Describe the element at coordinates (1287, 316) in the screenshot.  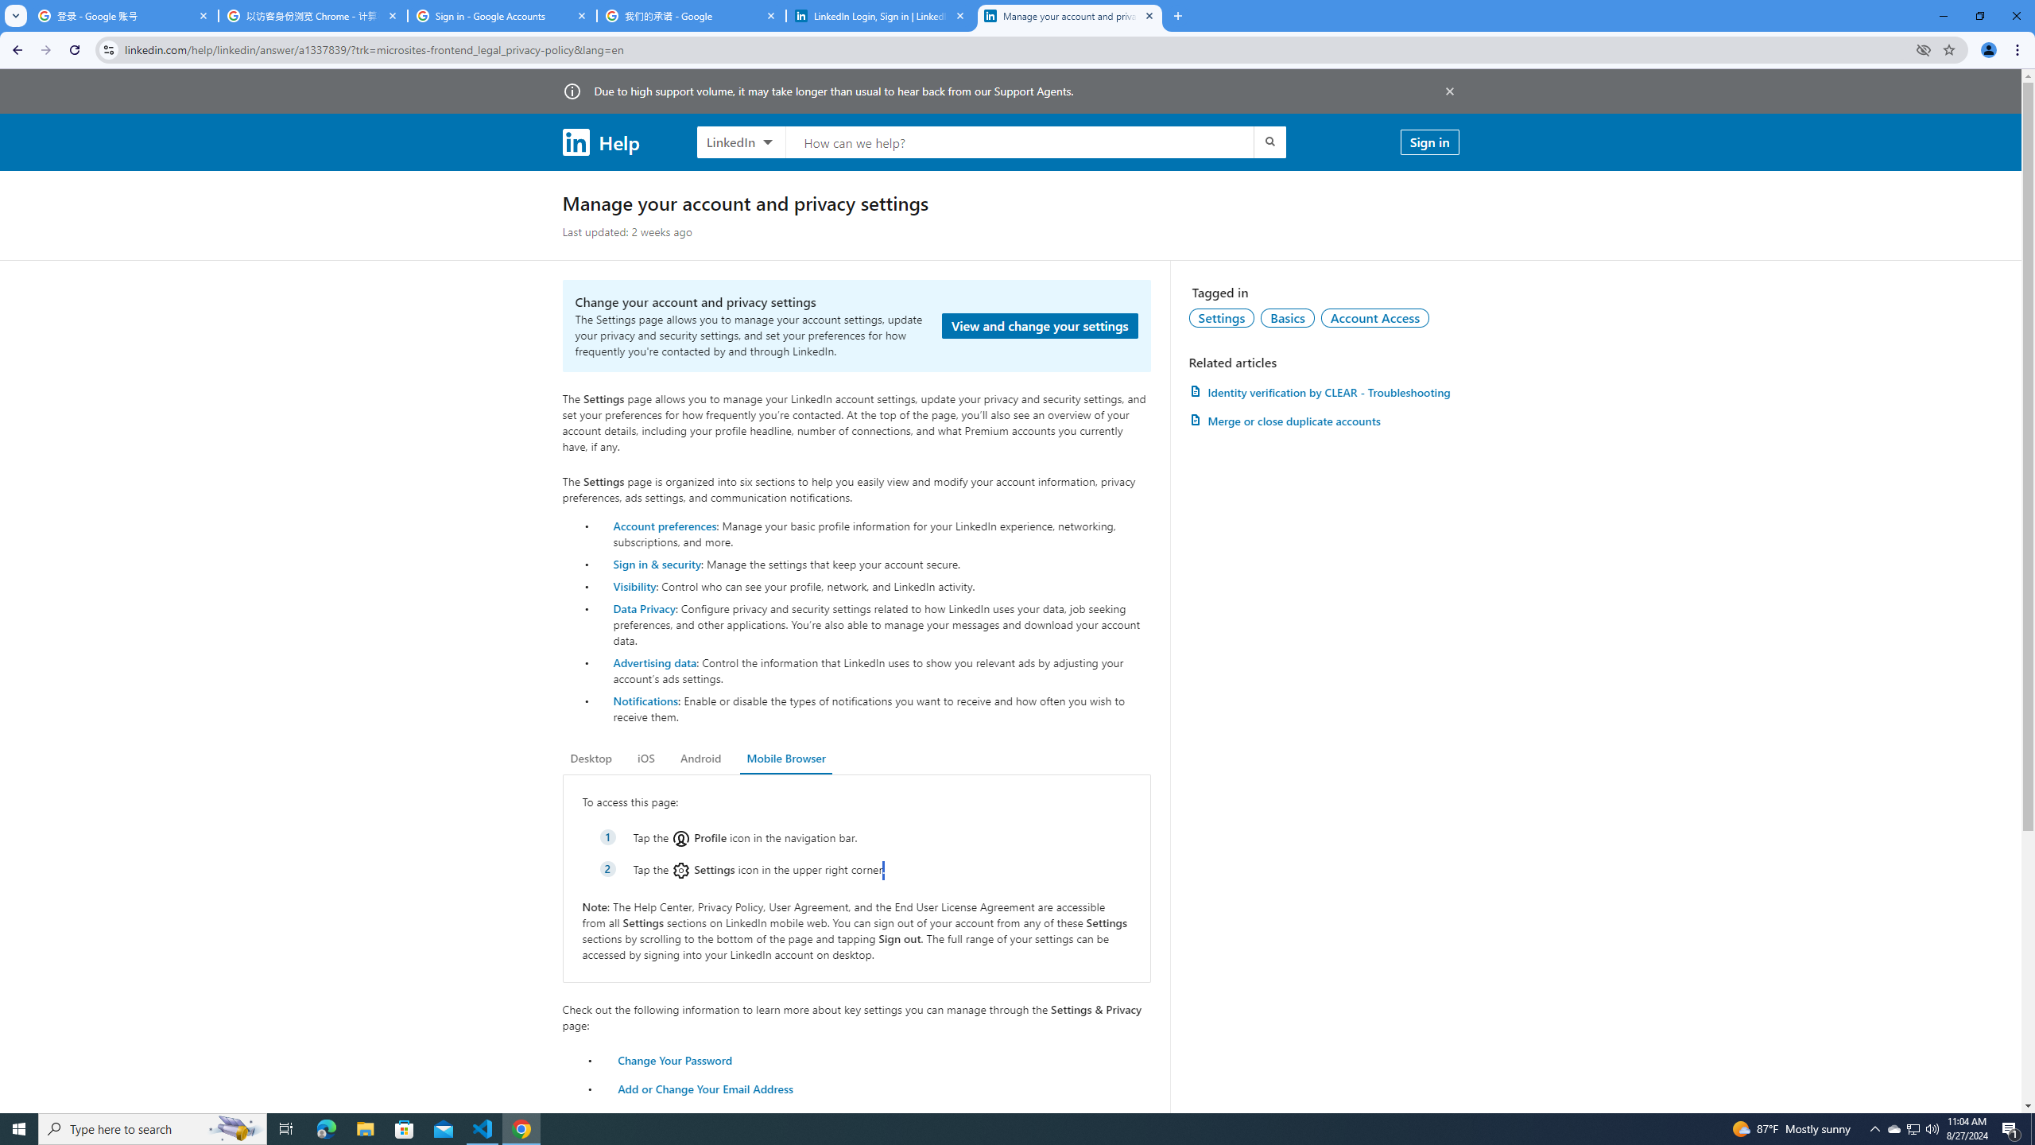
I see `'Basics'` at that location.